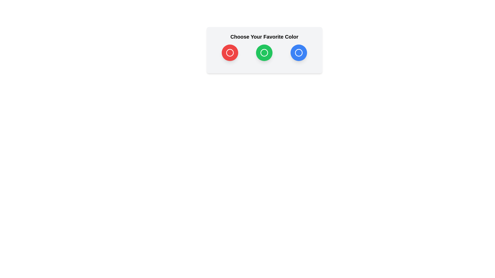 This screenshot has width=495, height=278. I want to click on the color Green from the options available, so click(264, 53).